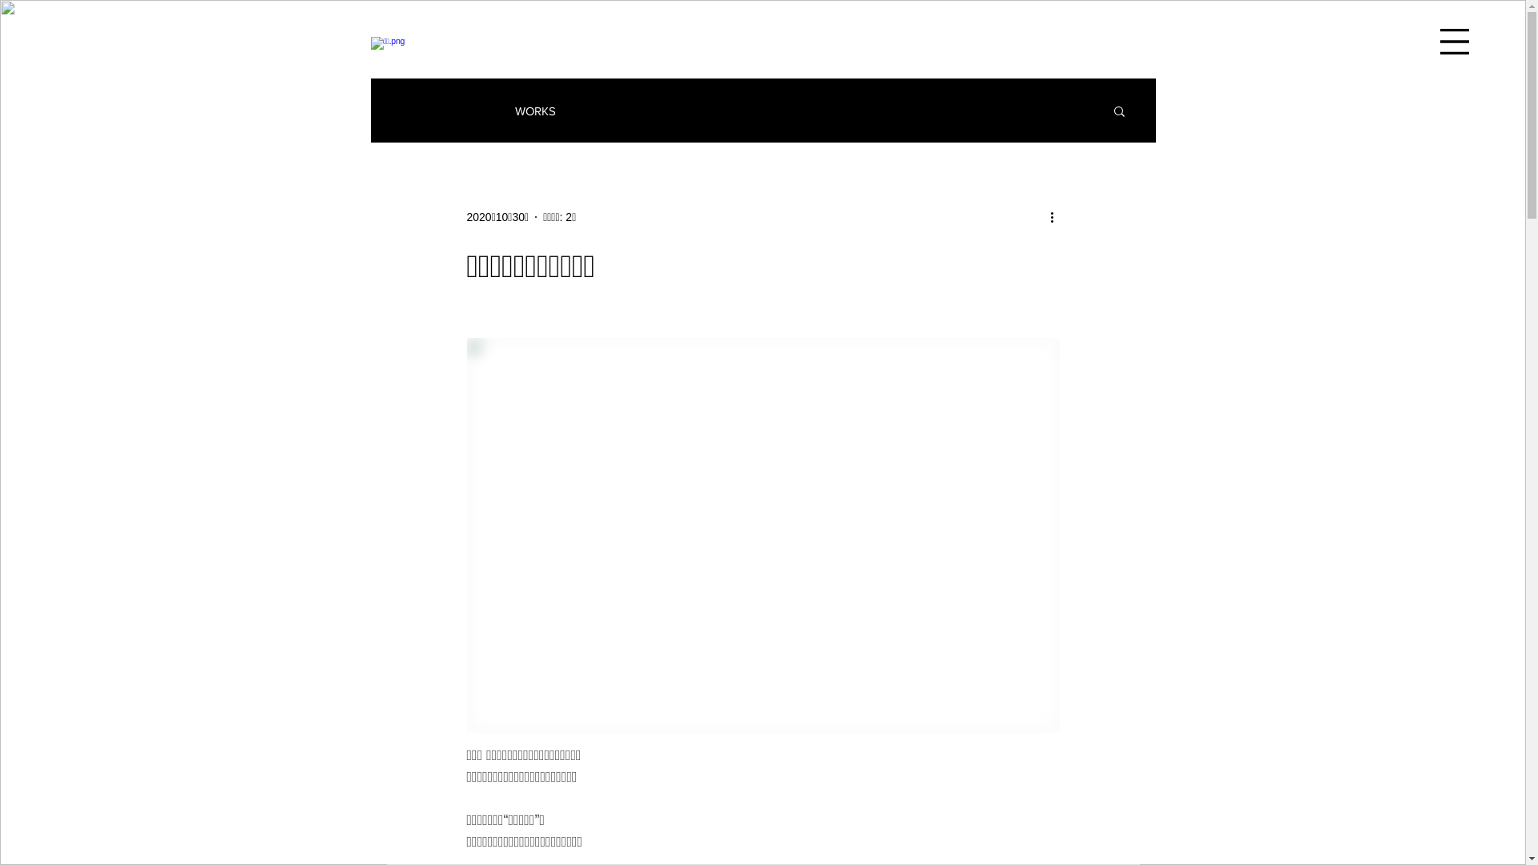 The width and height of the screenshot is (1538, 865). What do you see at coordinates (514, 110) in the screenshot?
I see `'WORKS'` at bounding box center [514, 110].